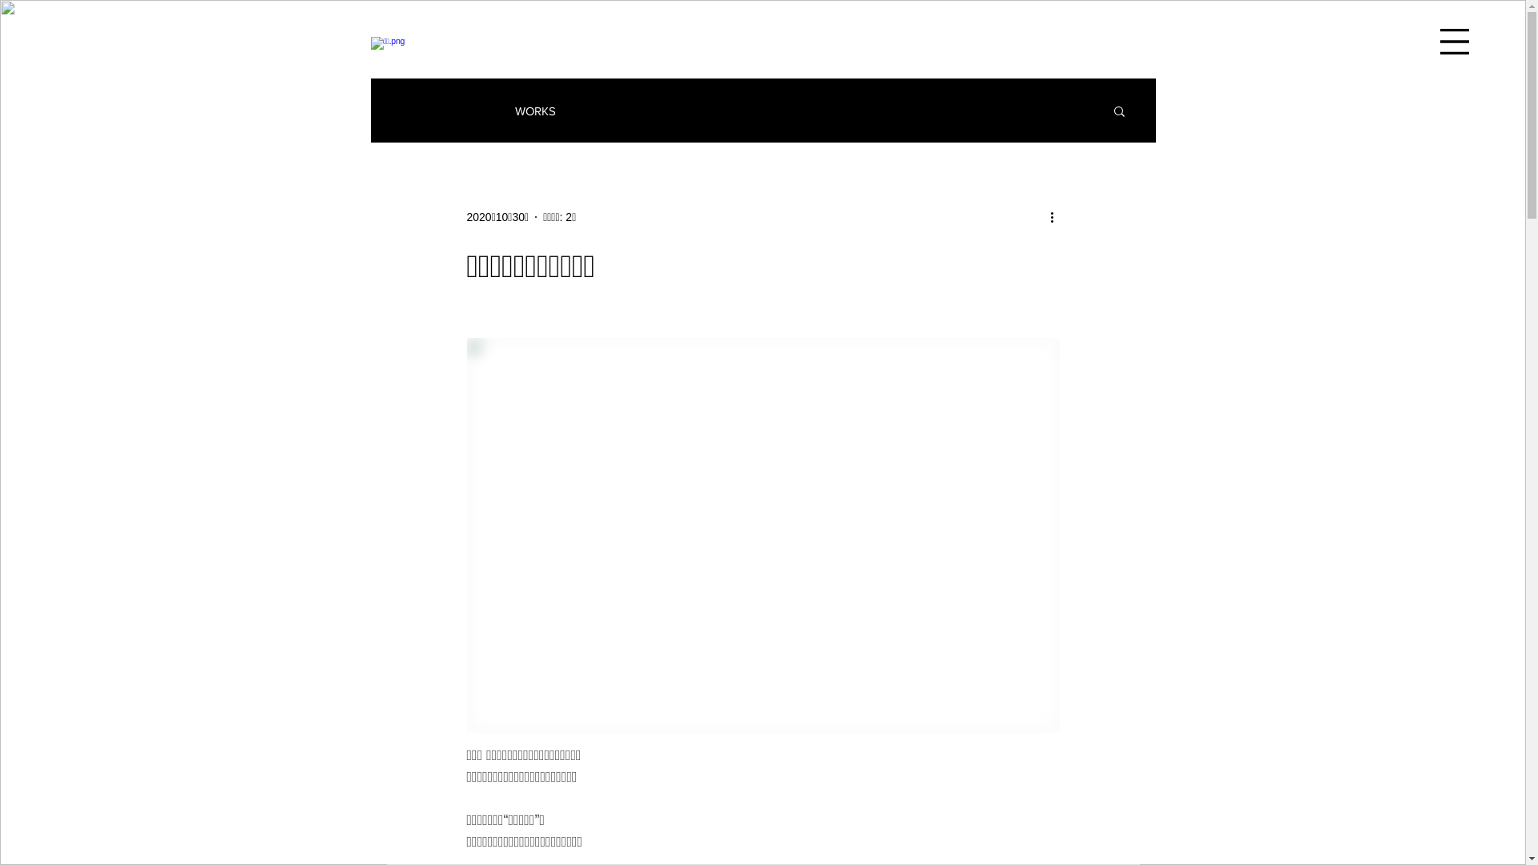 The width and height of the screenshot is (1538, 865). What do you see at coordinates (514, 110) in the screenshot?
I see `'WORKS'` at bounding box center [514, 110].